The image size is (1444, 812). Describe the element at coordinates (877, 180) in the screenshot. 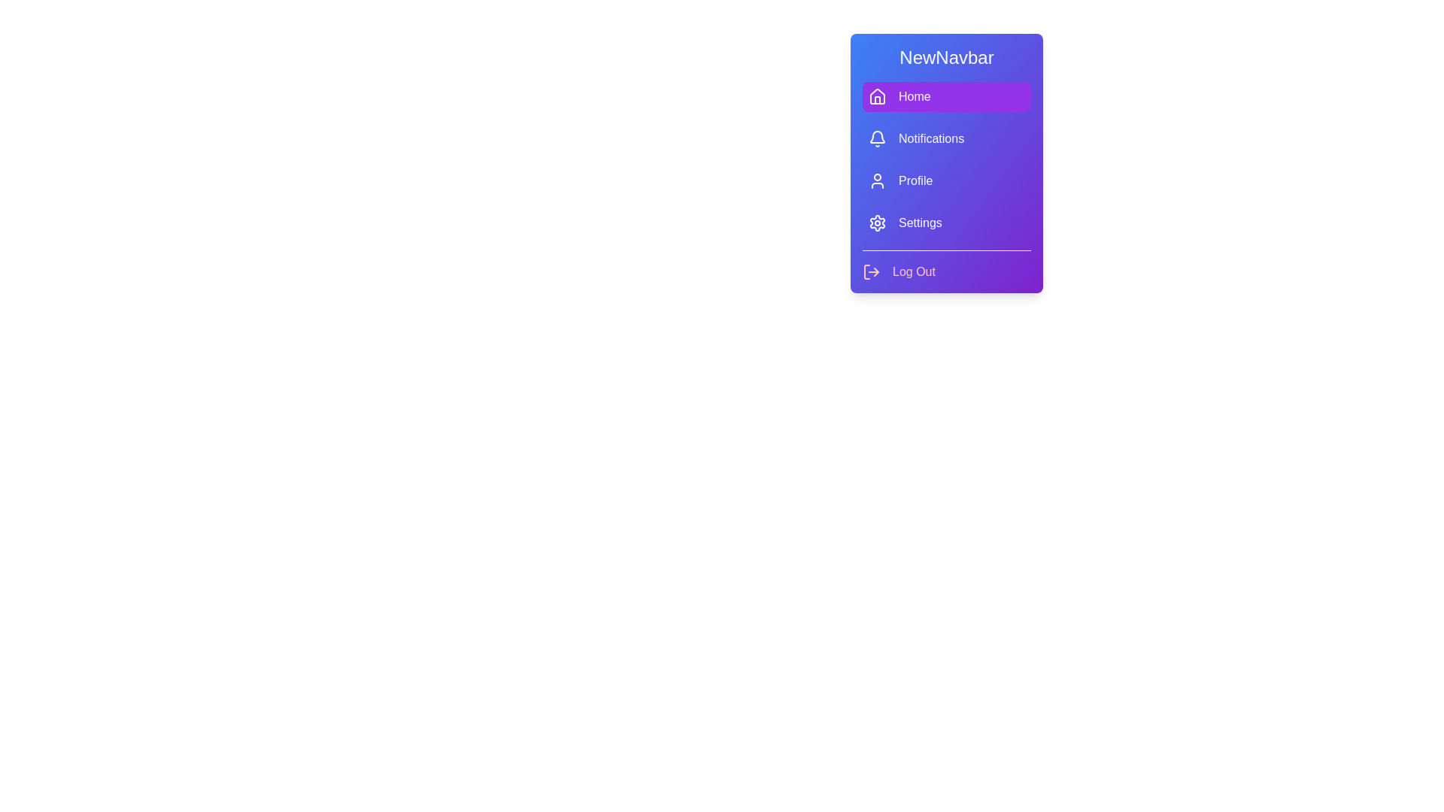

I see `the 'Profile' menu item icon in the vertical navigation menu, located below 'Notifications' and above 'Settings'` at that location.